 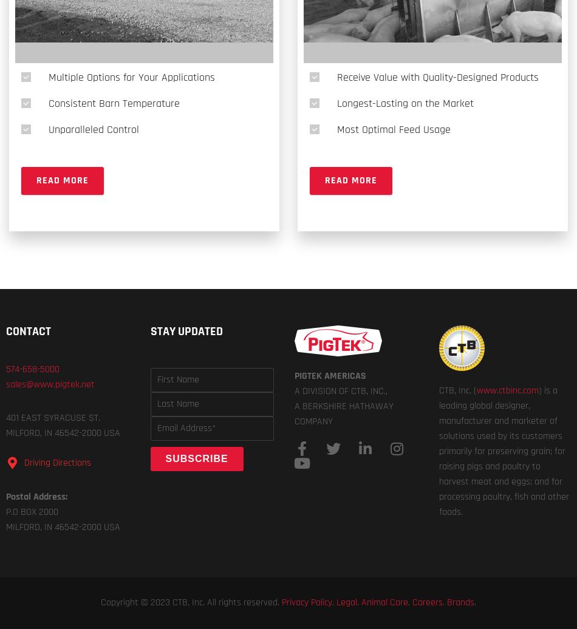 I want to click on 'PIGTEK AMERICAS', so click(x=330, y=376).